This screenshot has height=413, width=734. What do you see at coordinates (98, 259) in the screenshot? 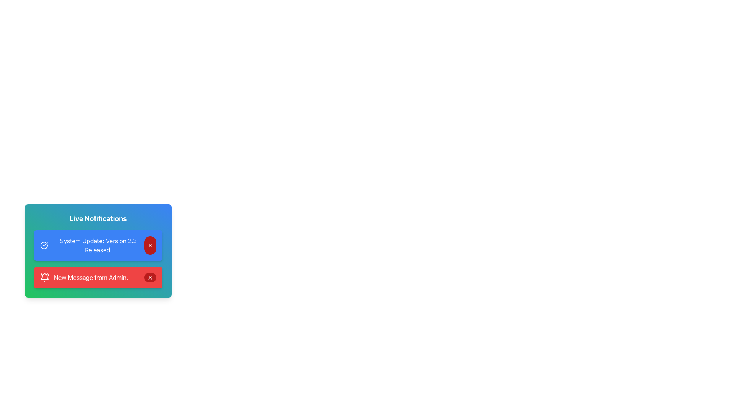
I see `the Informational Text Block displaying the notification 'System Update: Version 2.3 Released', which features a blue background and a circular checkmark icon on the left side, located in the 'Live Notifications' section` at bounding box center [98, 259].